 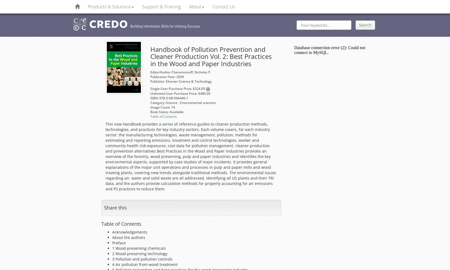 What do you see at coordinates (172, 107) in the screenshot?
I see `':
			74'` at bounding box center [172, 107].